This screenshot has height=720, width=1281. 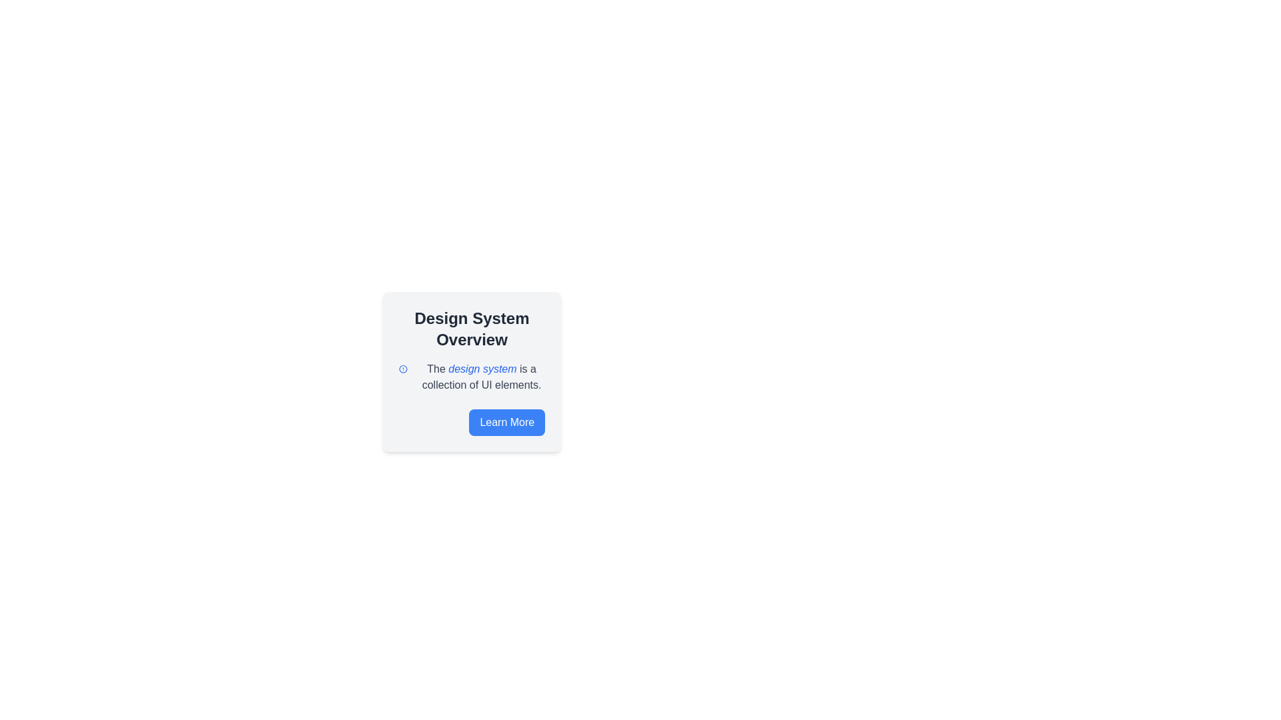 I want to click on the circular outline of the 'circle-alert' styled icon to interact with it, so click(x=402, y=369).